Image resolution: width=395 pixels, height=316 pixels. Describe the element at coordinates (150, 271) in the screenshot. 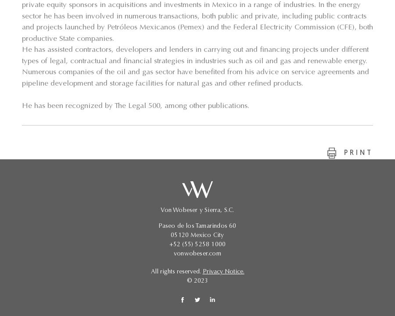

I see `'All rights reserved.'` at that location.